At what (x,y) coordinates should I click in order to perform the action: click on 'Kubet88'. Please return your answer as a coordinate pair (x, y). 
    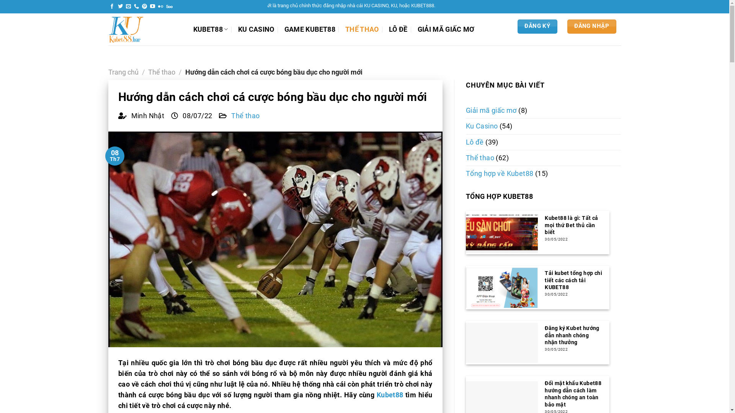
    Looking at the image, I should click on (376, 395).